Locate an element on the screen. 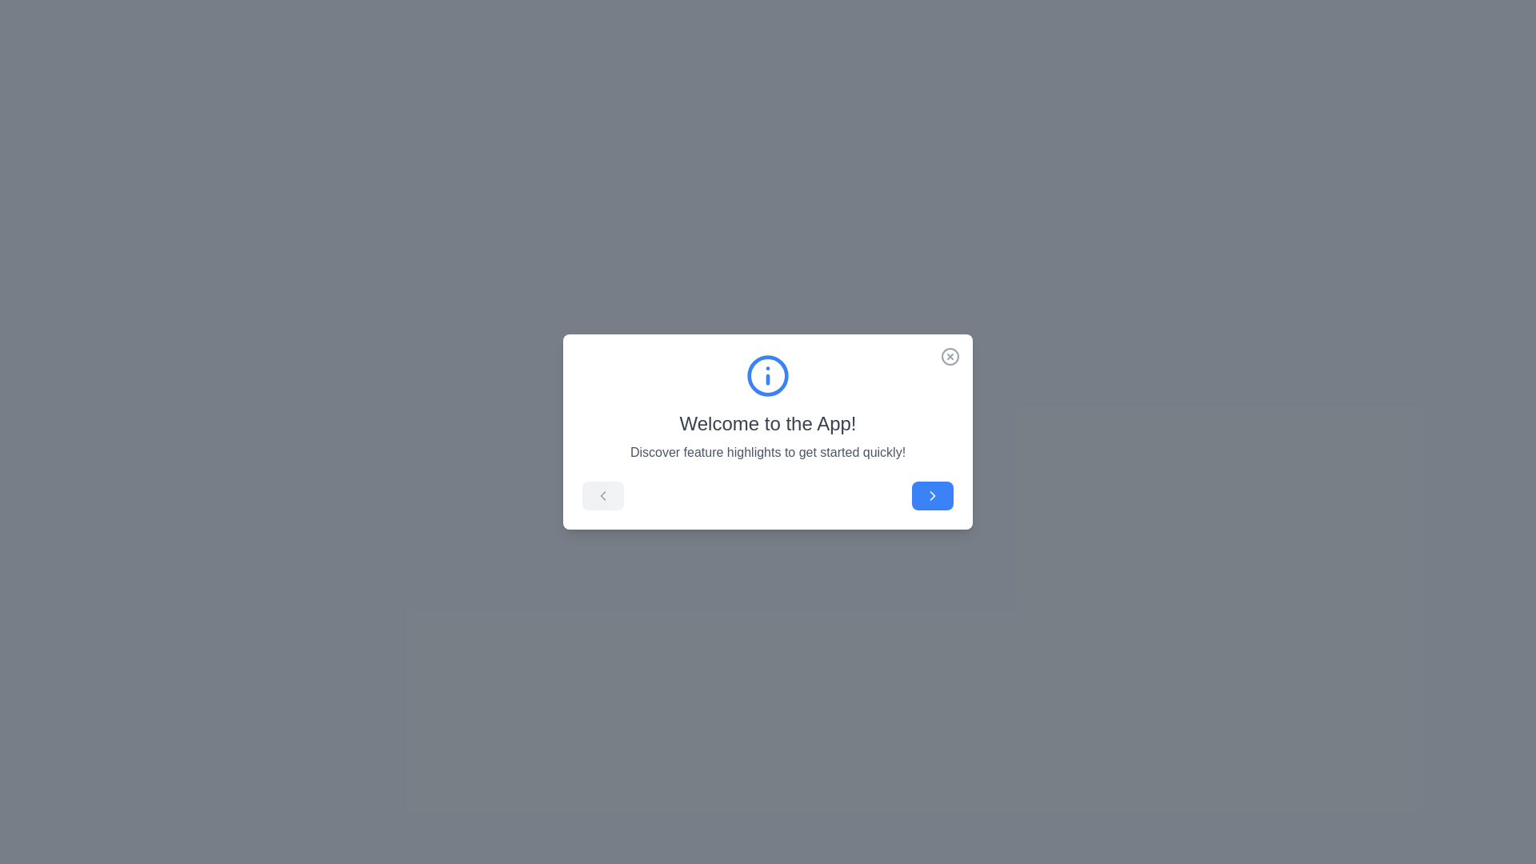  the guide icon to inspect it is located at coordinates (768, 376).